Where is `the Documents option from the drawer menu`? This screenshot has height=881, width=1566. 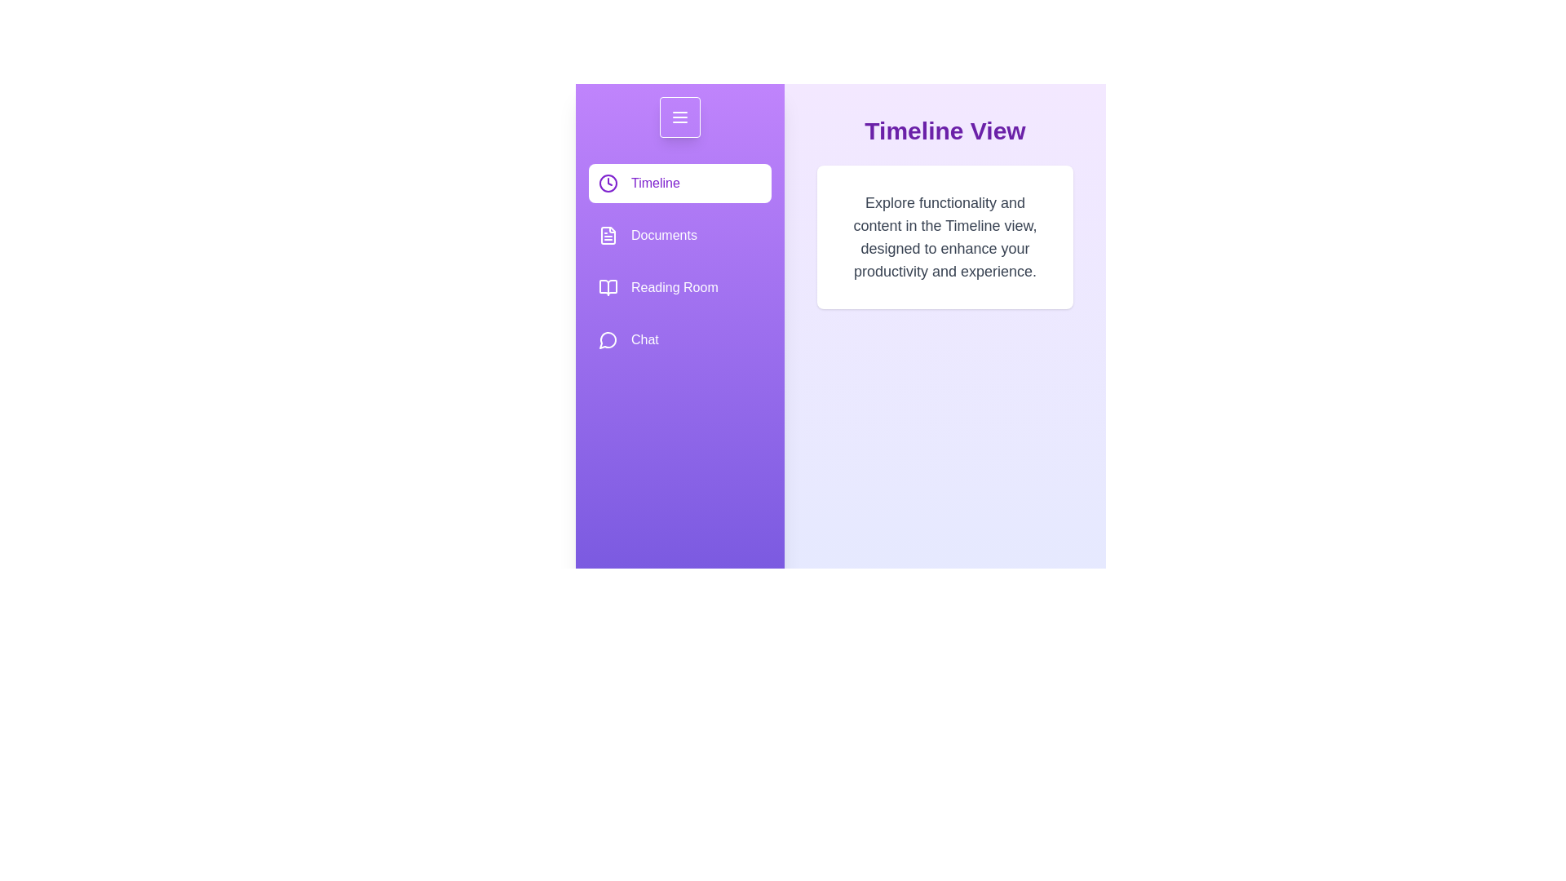 the Documents option from the drawer menu is located at coordinates (680, 236).